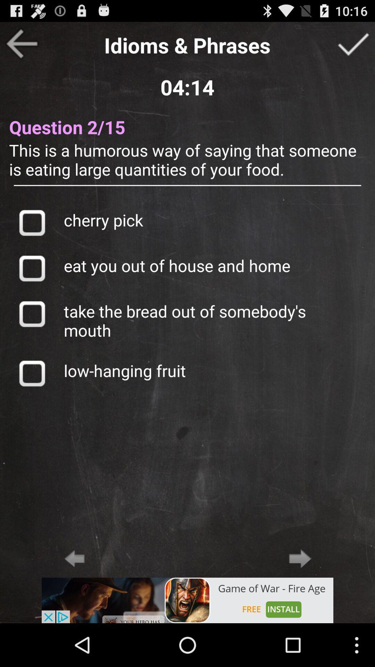  Describe the element at coordinates (32, 268) in the screenshot. I see `this option` at that location.